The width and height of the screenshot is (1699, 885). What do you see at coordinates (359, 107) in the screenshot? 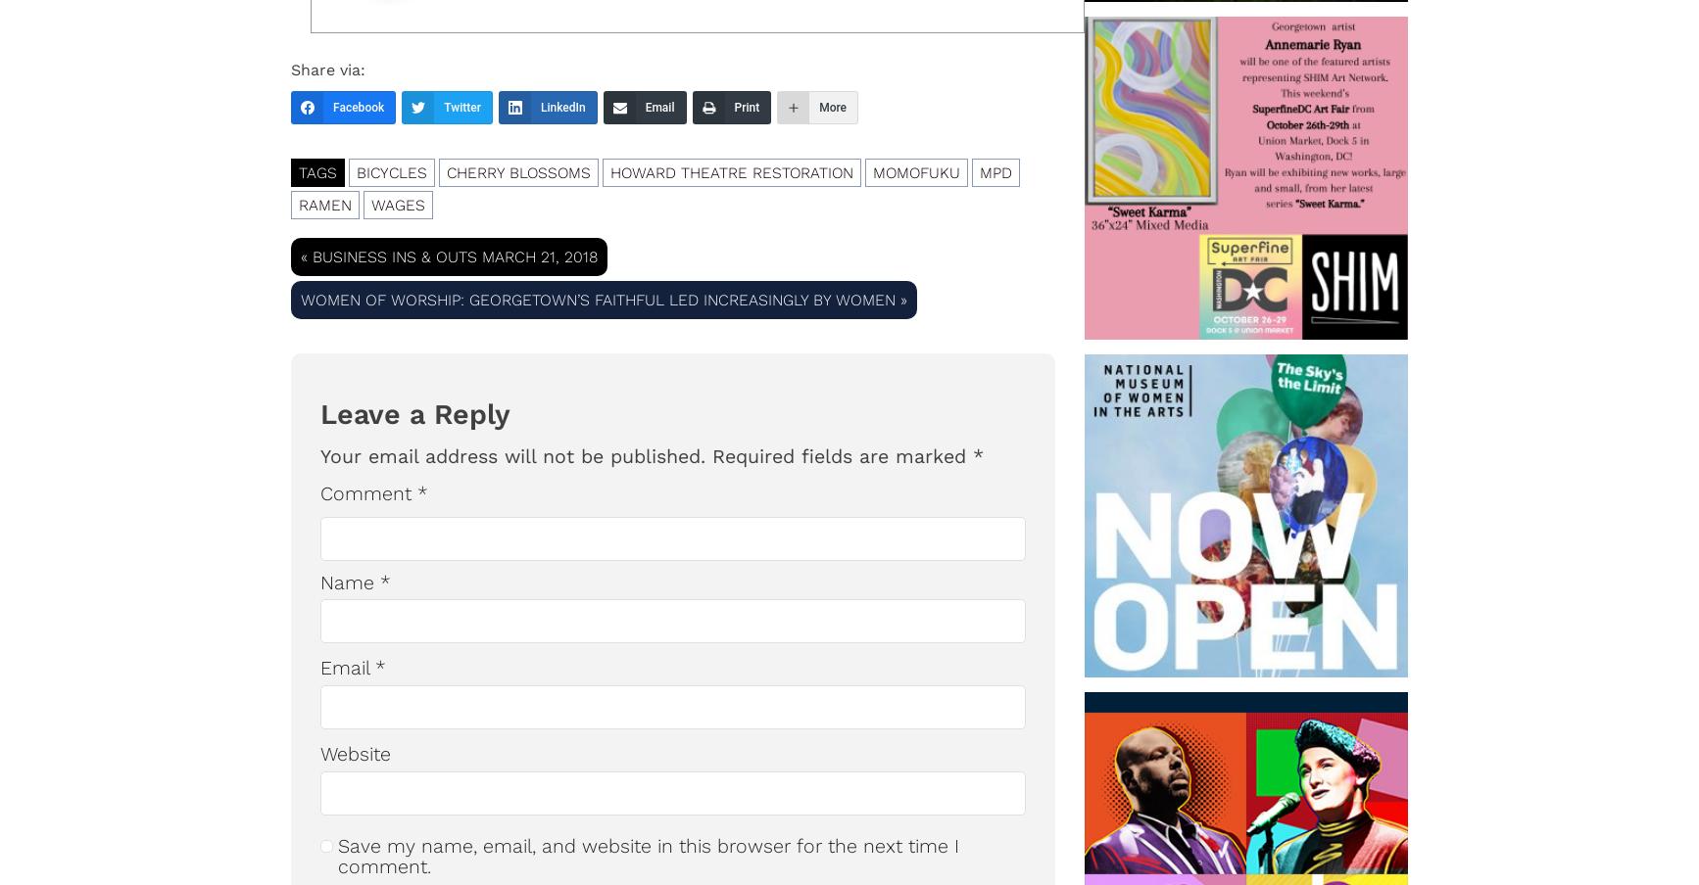
I see `'Facebook'` at bounding box center [359, 107].